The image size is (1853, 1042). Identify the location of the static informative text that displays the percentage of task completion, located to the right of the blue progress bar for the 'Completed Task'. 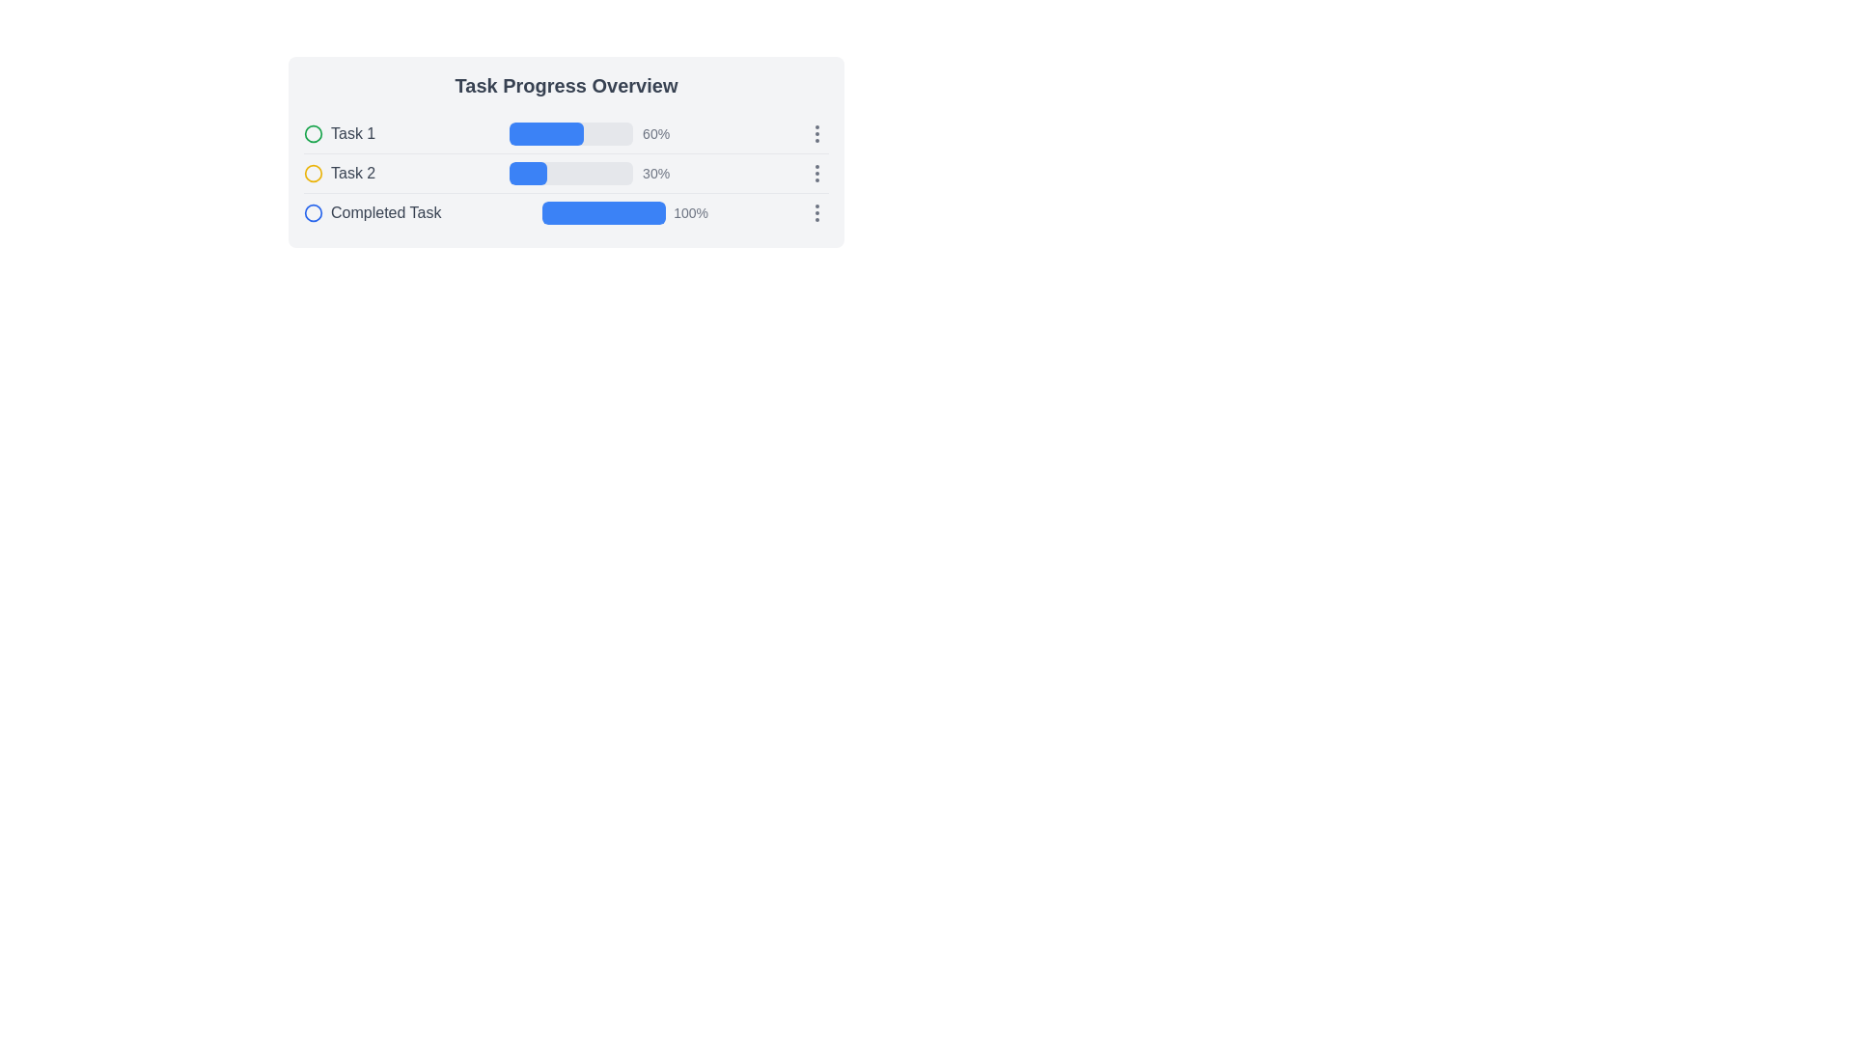
(689, 212).